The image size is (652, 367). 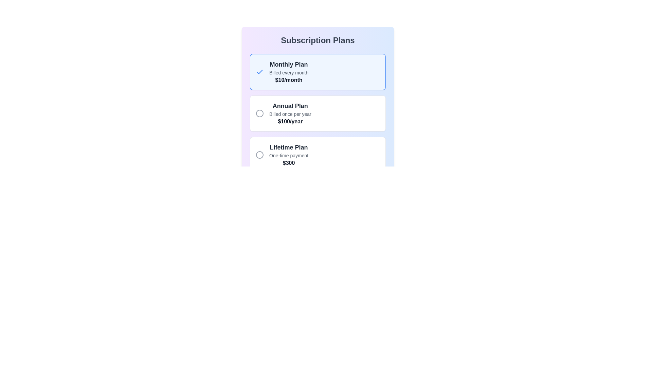 I want to click on text content of the text block that displays 'Lifetime Plan', 'One-time payment', and '$300', positioned at the bottom of the layout as the third plan option in a vertical list of subscription plans, so click(x=289, y=155).